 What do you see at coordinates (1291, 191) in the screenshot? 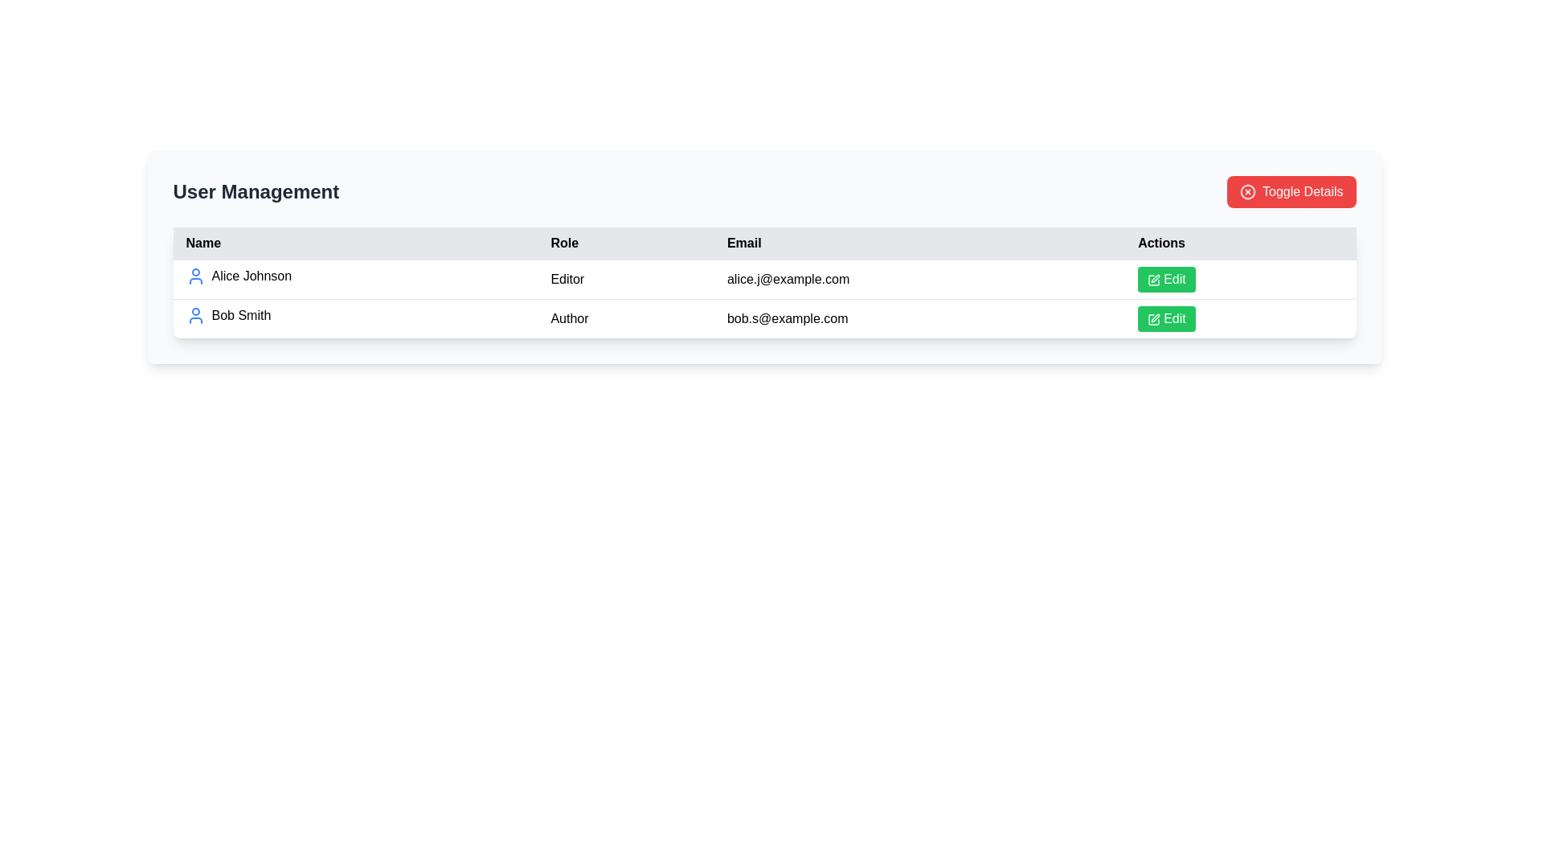
I see `the button in the top-right corner of the 'User Management' section` at bounding box center [1291, 191].